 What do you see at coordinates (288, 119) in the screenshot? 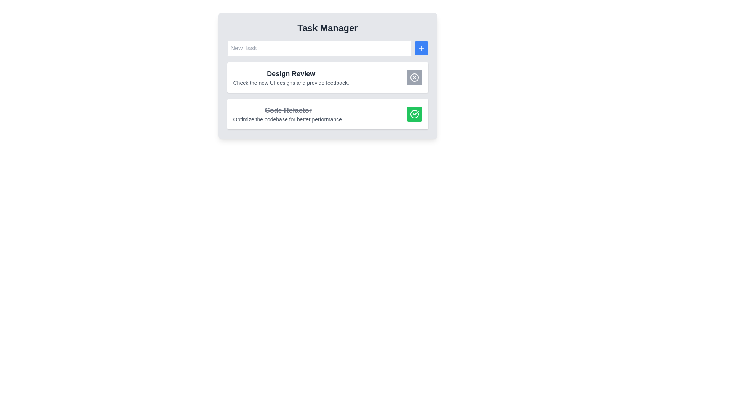
I see `the text in the Text label element displaying 'Optimize the codebase for better performance.' located below the 'Code Refactor' label` at bounding box center [288, 119].